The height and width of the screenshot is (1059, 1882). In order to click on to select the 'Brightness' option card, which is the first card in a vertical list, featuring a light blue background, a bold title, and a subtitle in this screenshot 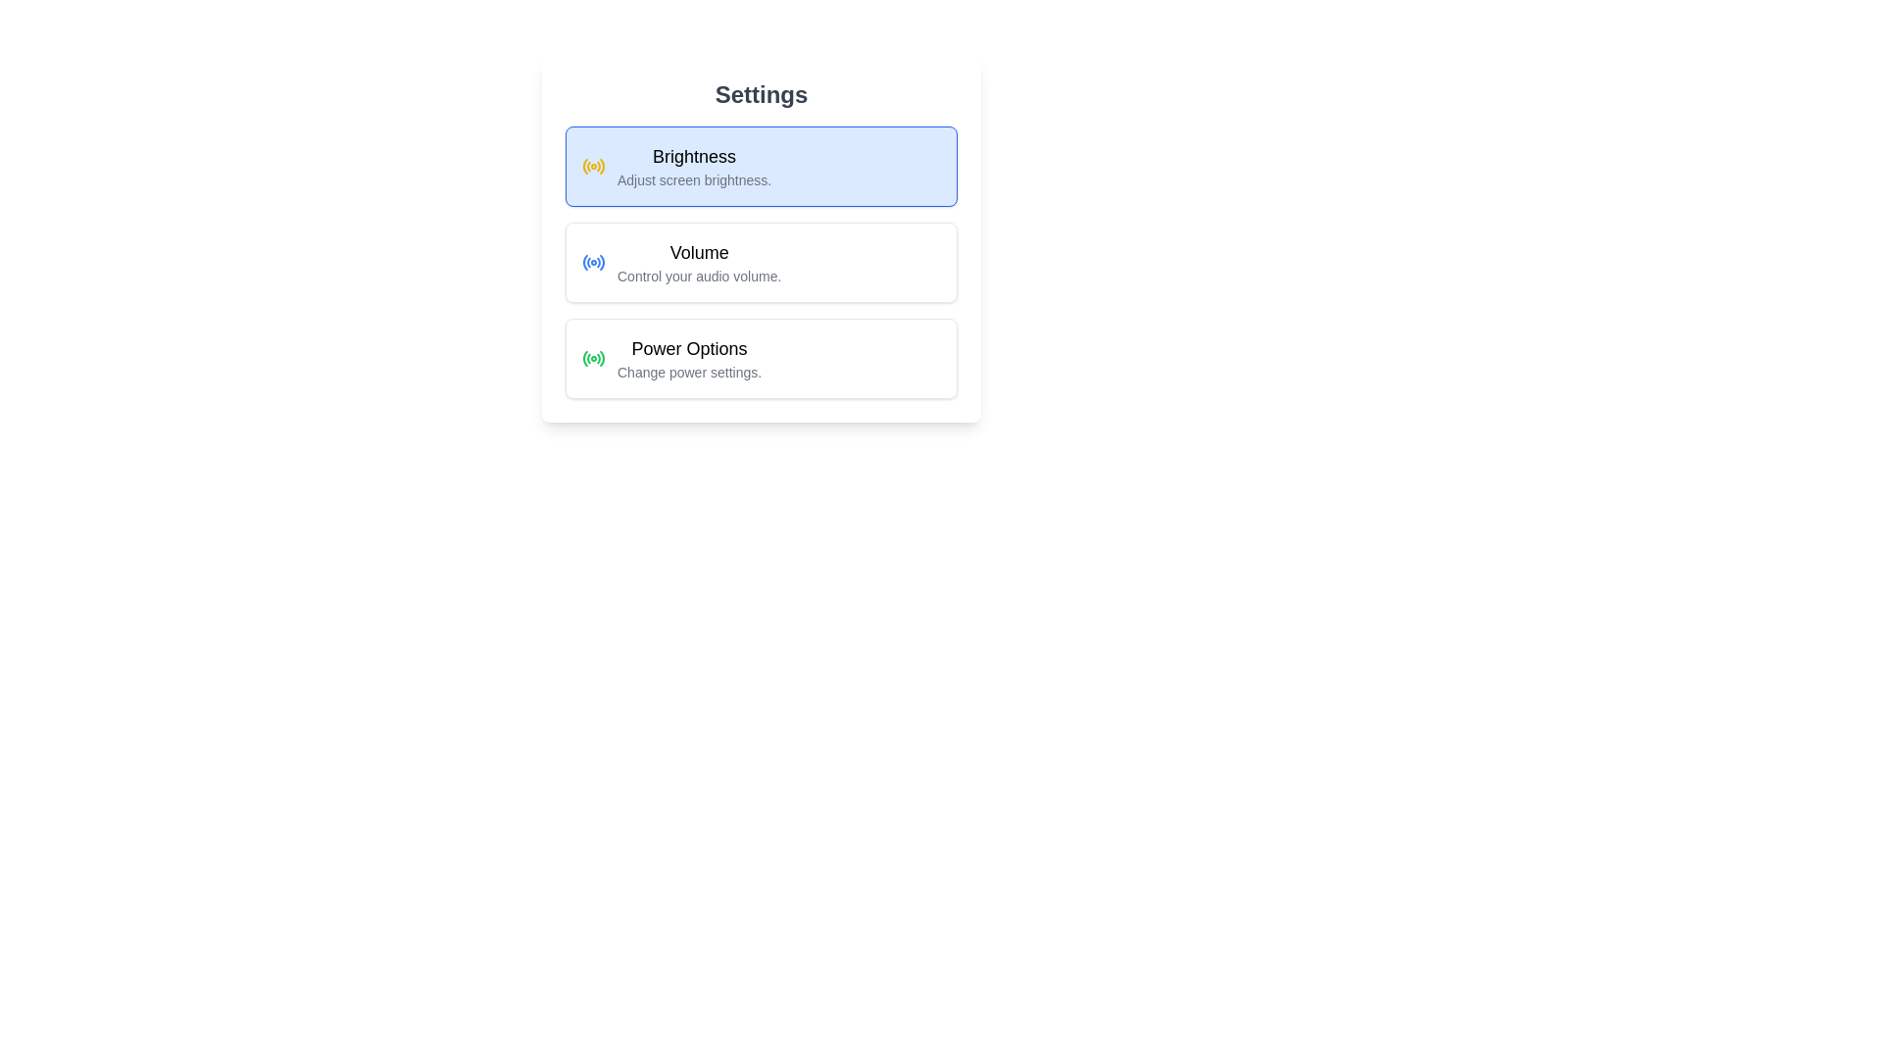, I will do `click(761, 165)`.